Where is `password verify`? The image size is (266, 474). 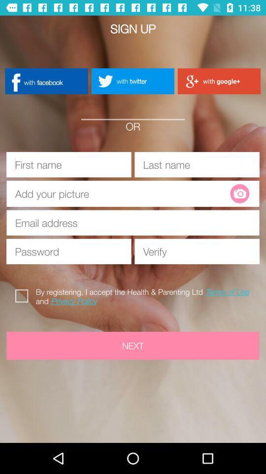 password verify is located at coordinates (197, 251).